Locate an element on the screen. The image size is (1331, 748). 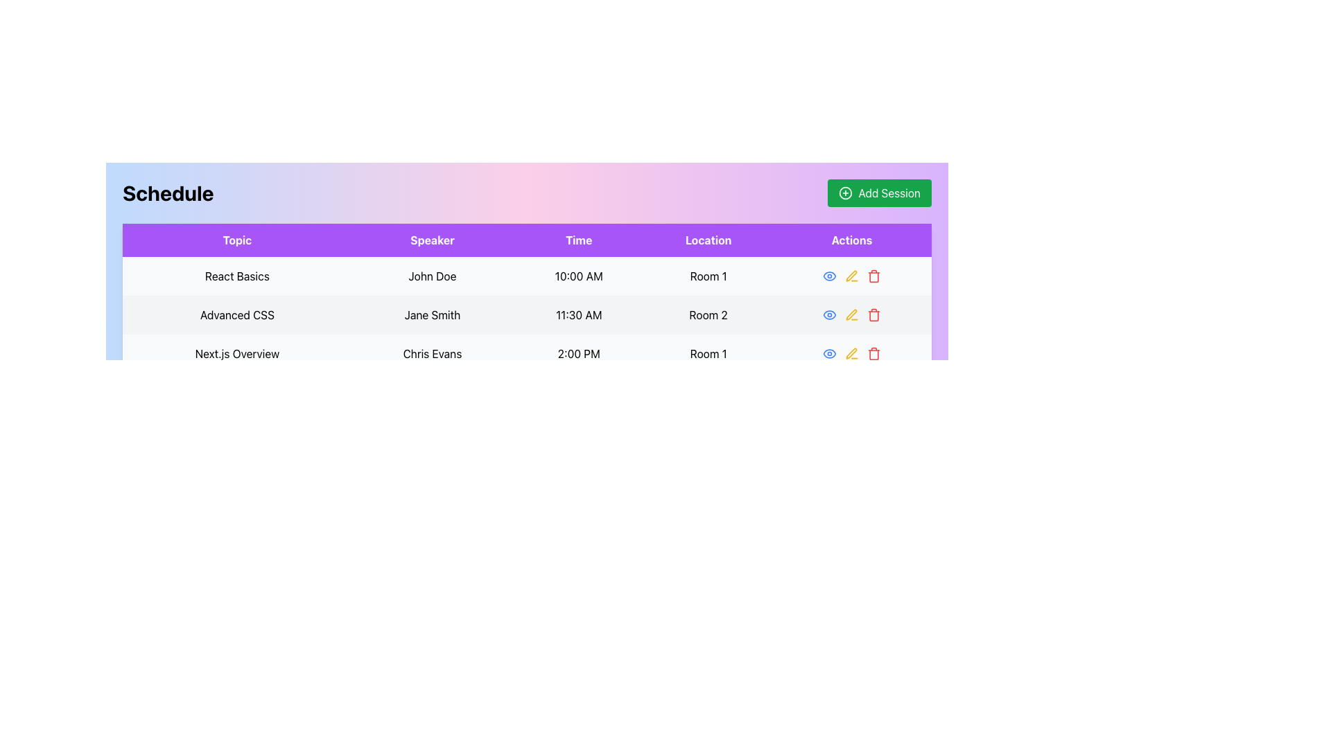
the 'Time' column header in the table, which is the third column header labeled for time-related data is located at coordinates (579, 240).